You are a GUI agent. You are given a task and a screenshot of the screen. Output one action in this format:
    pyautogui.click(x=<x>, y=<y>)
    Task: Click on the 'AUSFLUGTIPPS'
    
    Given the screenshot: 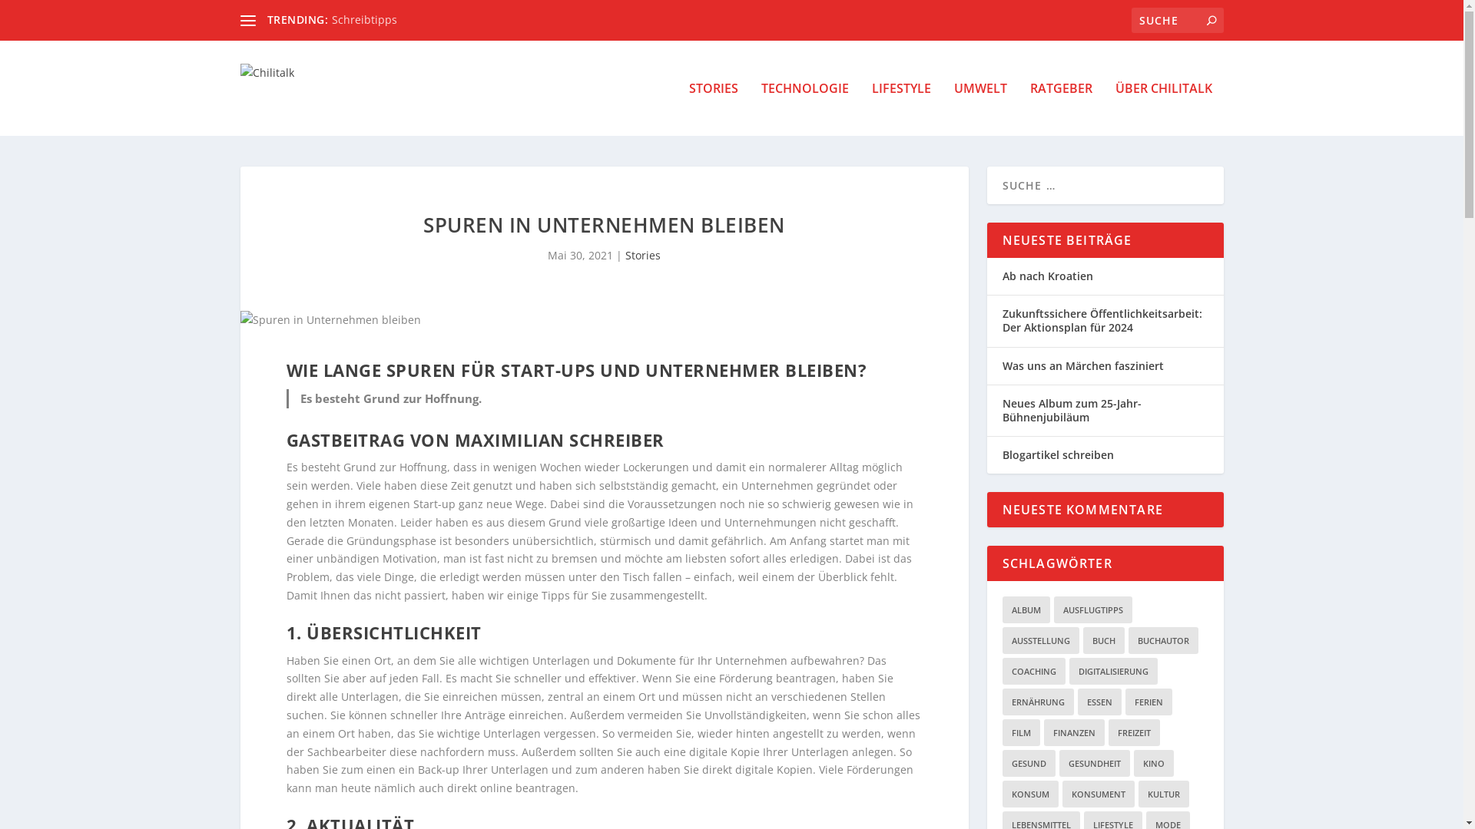 What is the action you would take?
    pyautogui.click(x=1092, y=609)
    